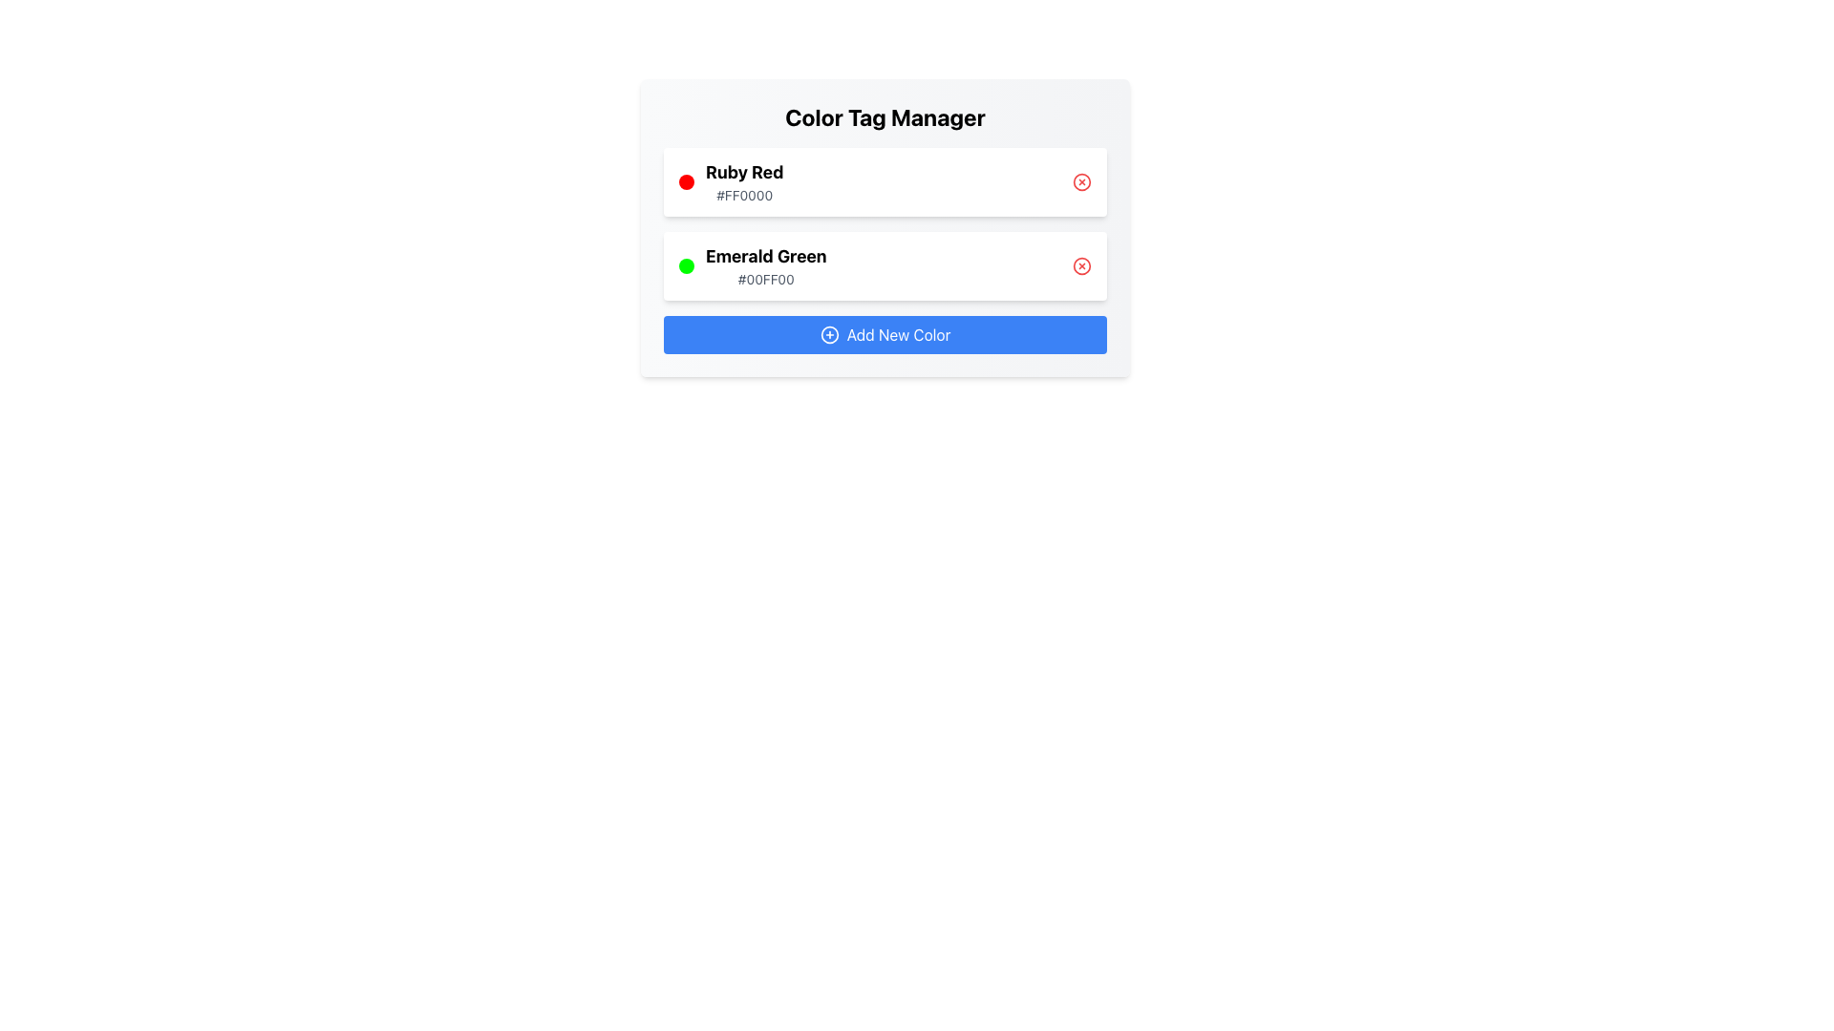 This screenshot has height=1031, width=1834. Describe the element at coordinates (743, 195) in the screenshot. I see `the non-interactive Text label displaying the hexadecimal value for 'Ruby Red', located beneath the 'Ruby Red' text within the color group card` at that location.